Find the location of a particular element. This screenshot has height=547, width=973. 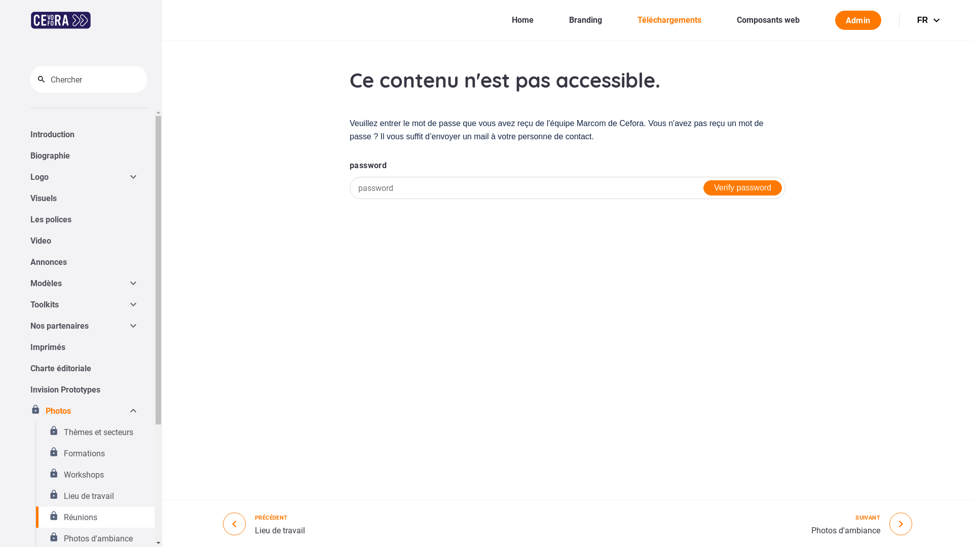

'Admin' is located at coordinates (857, 19).